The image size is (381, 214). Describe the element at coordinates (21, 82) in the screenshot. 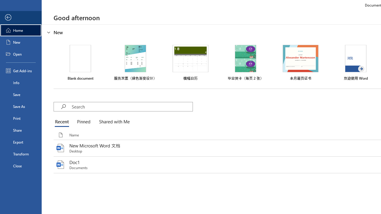

I see `'Info'` at that location.